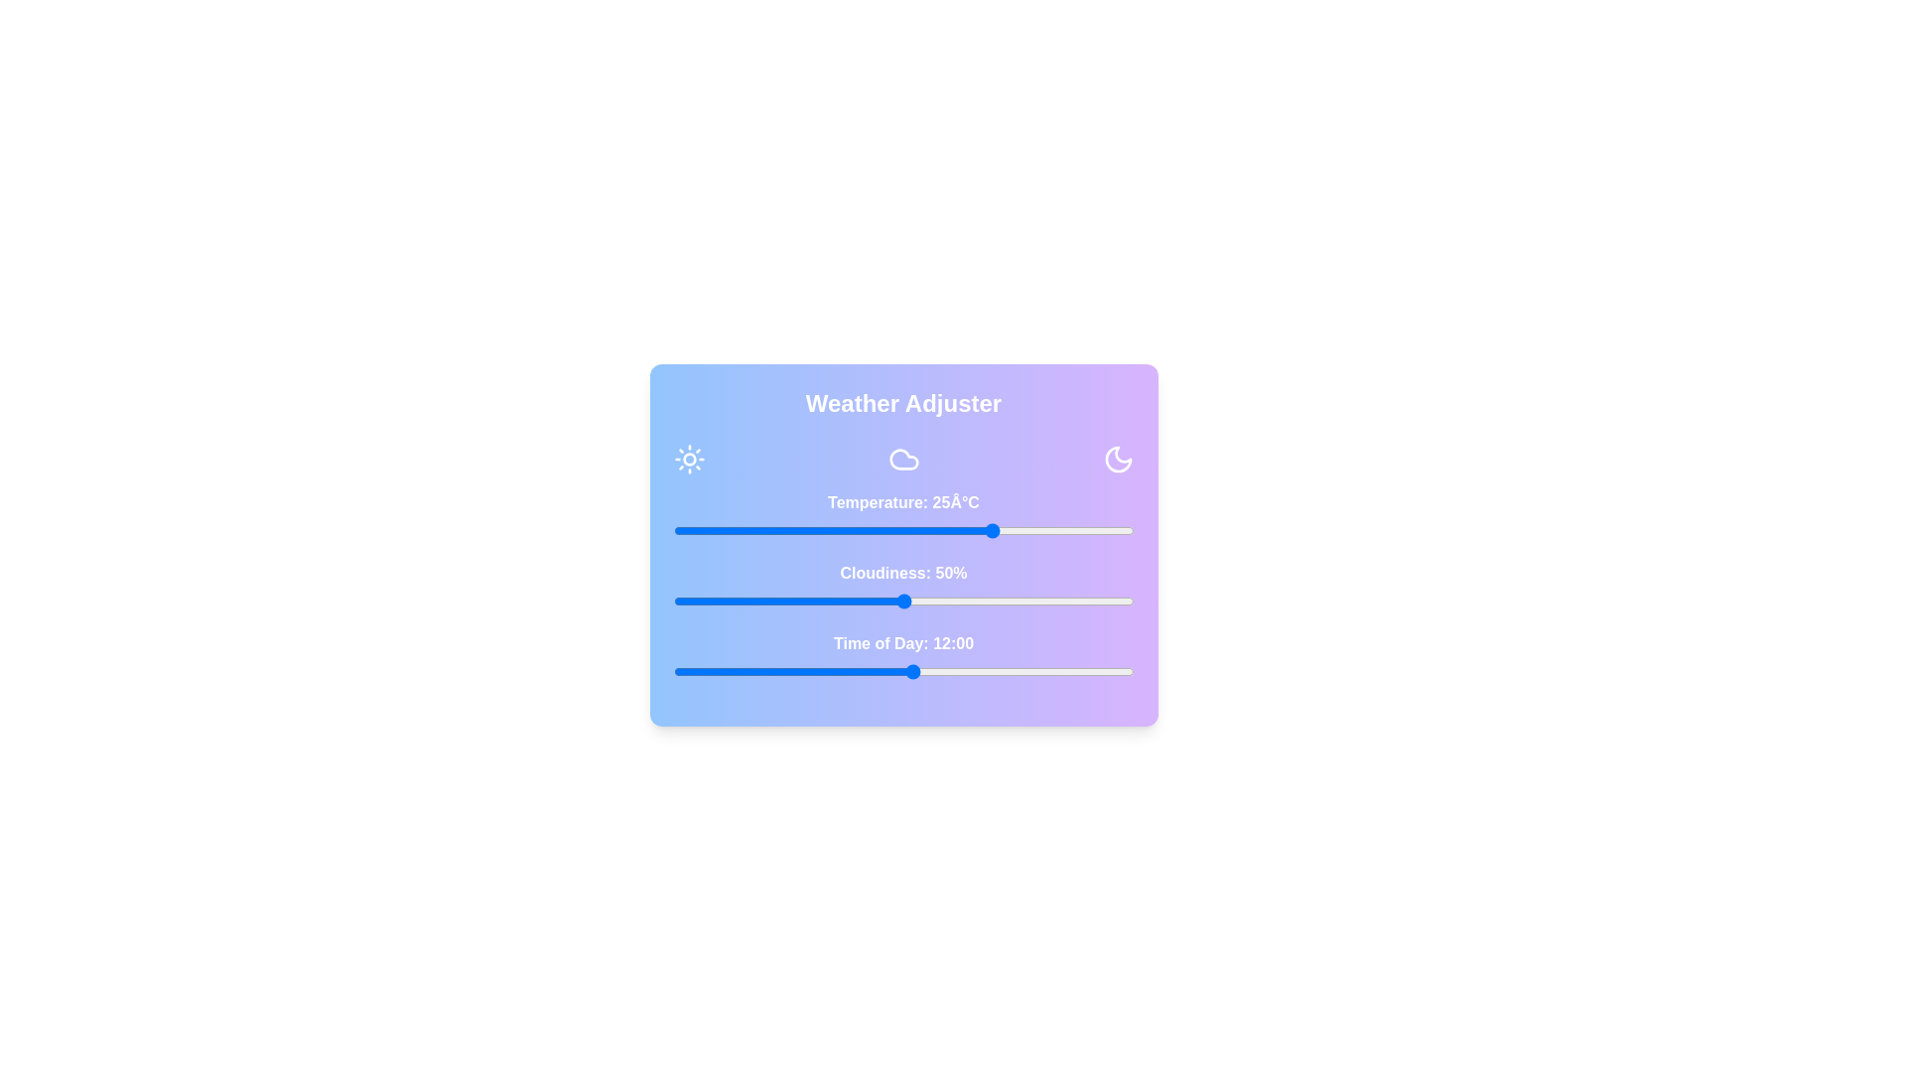 The width and height of the screenshot is (1906, 1072). I want to click on the cloudiness level, so click(678, 600).